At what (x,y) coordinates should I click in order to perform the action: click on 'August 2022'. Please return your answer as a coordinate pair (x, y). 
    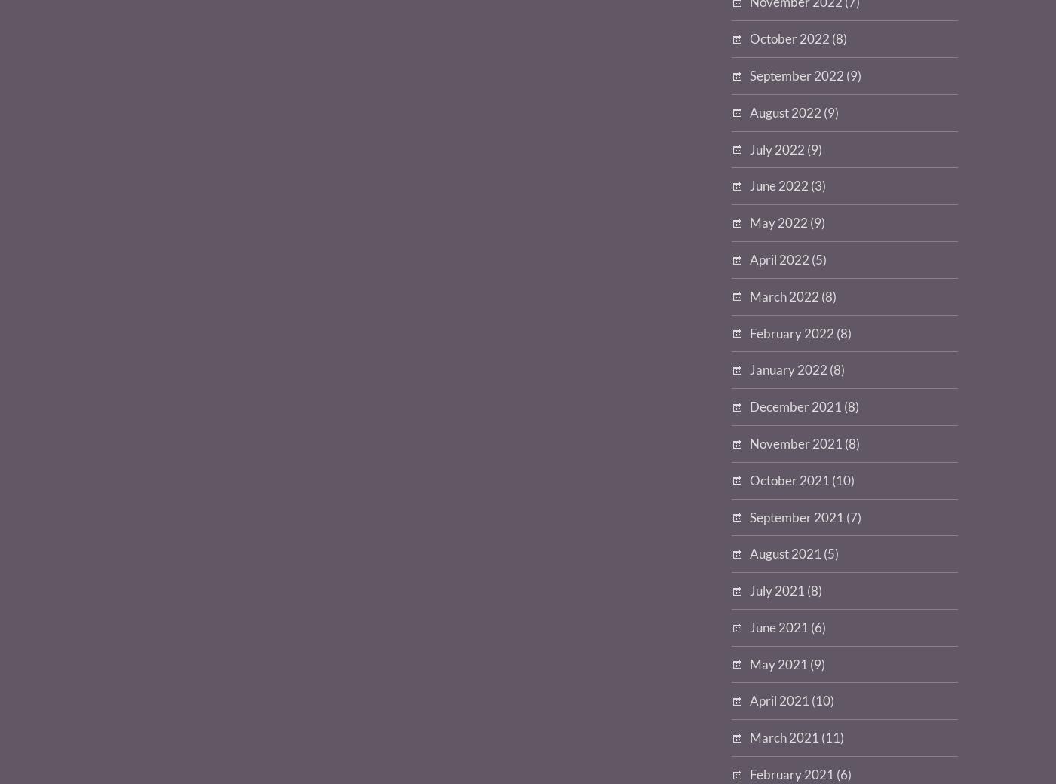
    Looking at the image, I should click on (785, 112).